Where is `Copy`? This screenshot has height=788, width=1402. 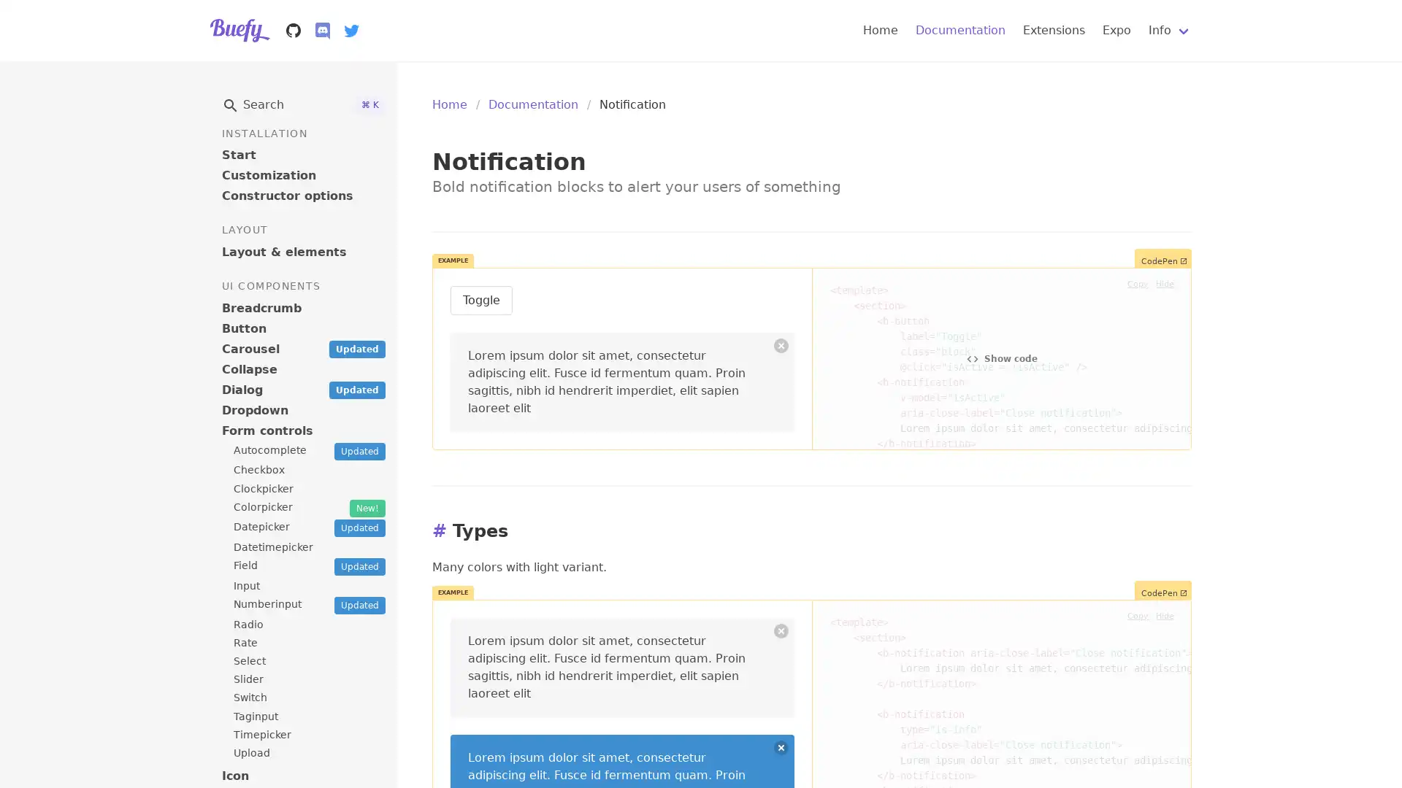 Copy is located at coordinates (1137, 613).